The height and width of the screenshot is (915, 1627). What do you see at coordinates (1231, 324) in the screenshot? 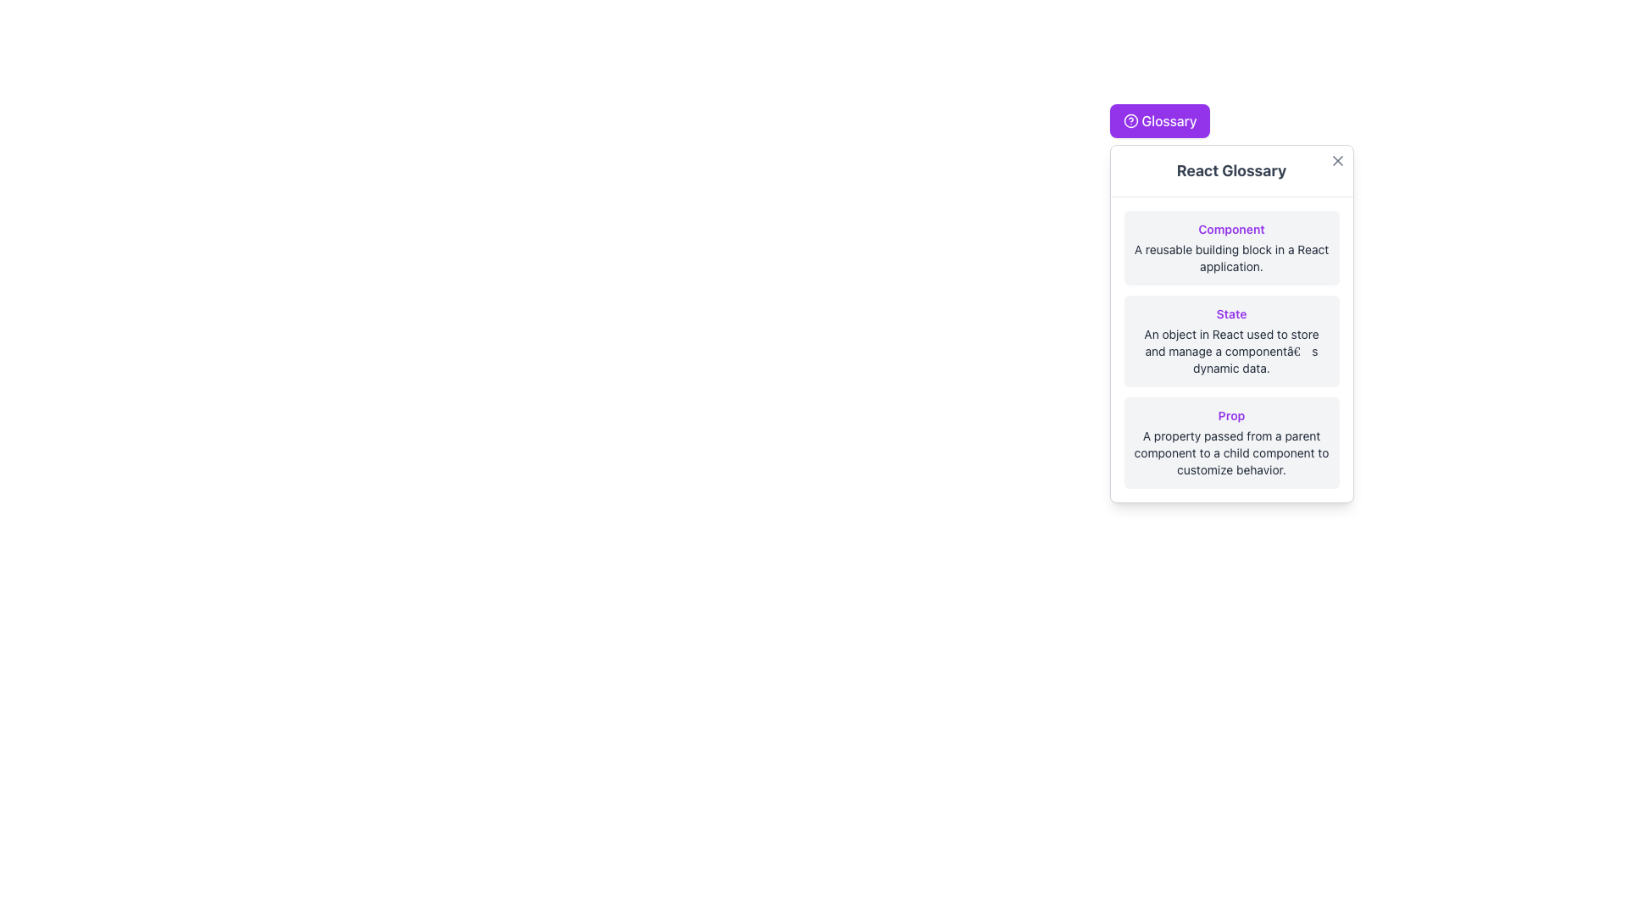
I see `the Text block titled 'React Glossary', specifically focusing on the second subsection that contains a purple highlighted label` at bounding box center [1231, 324].